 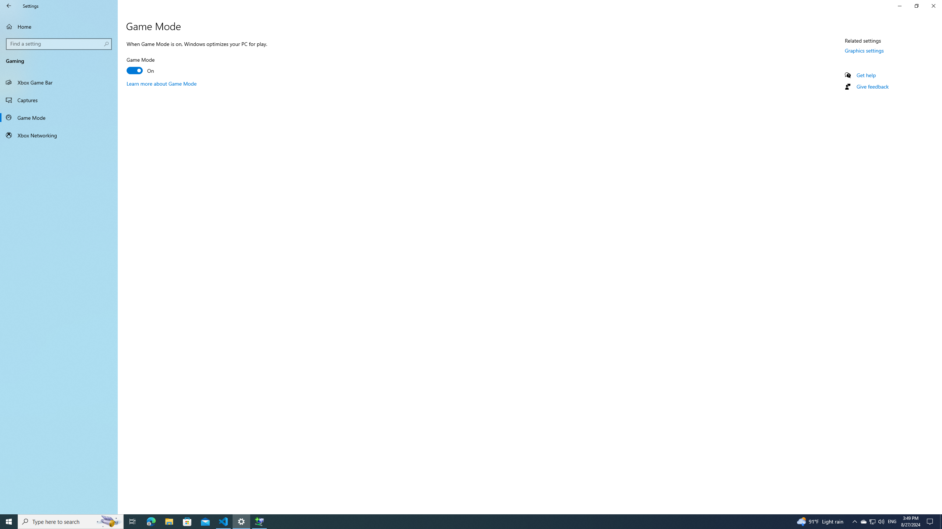 What do you see at coordinates (223, 521) in the screenshot?
I see `'Visual Studio Code - 1 running window'` at bounding box center [223, 521].